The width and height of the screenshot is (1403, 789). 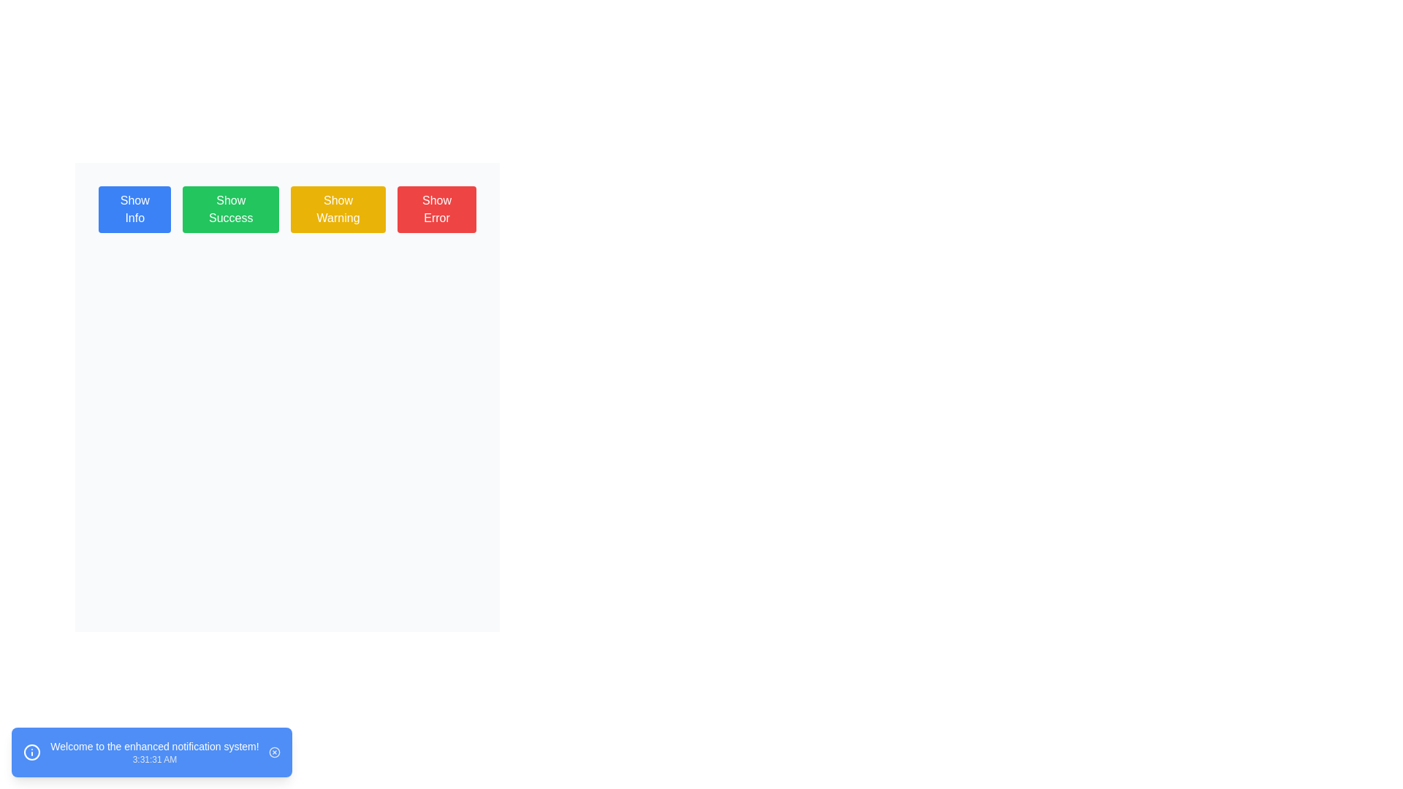 What do you see at coordinates (274, 752) in the screenshot?
I see `the close button in the far-right corner of the blue rounded rectangle notification component` at bounding box center [274, 752].